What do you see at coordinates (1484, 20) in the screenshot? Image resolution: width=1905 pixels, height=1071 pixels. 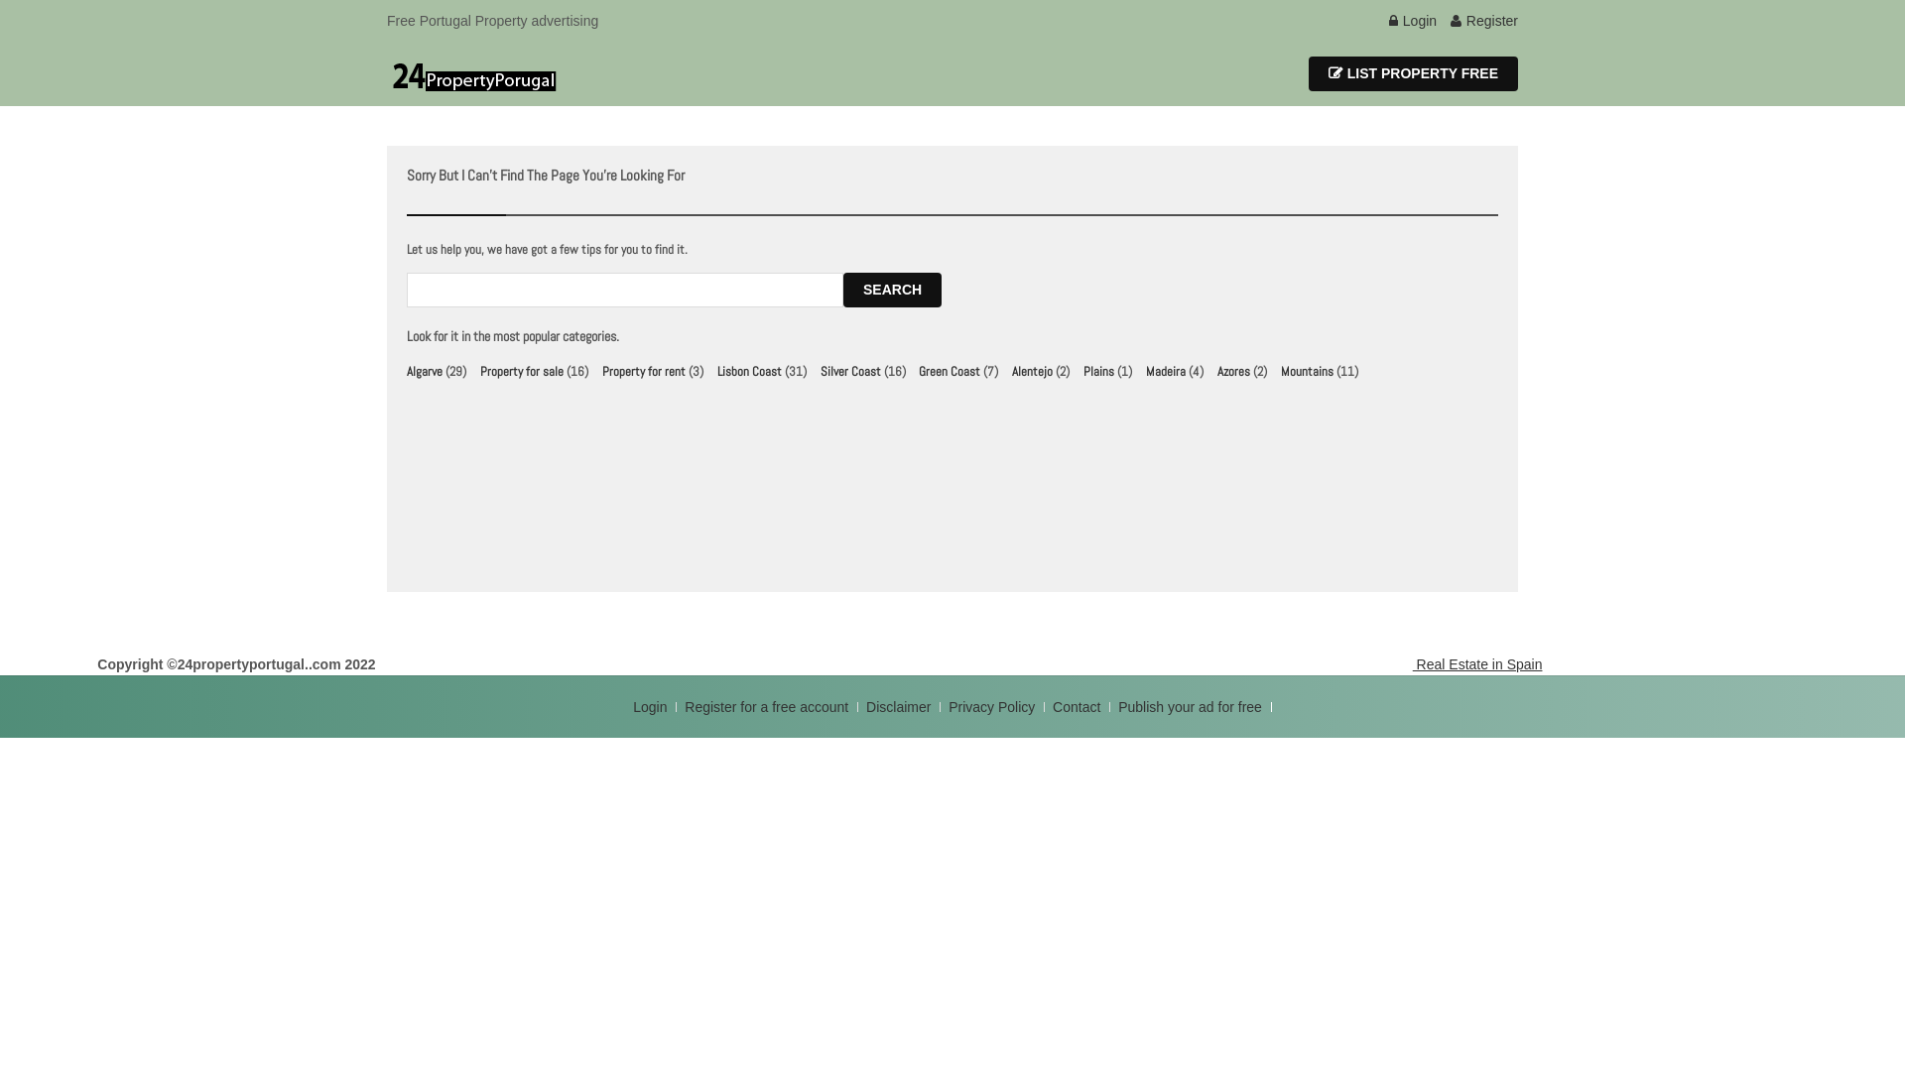 I see `'Register'` at bounding box center [1484, 20].